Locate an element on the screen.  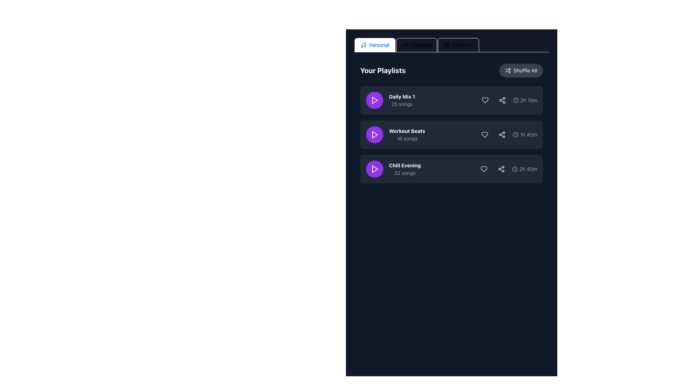
the circular outline of the clock icon located to the right of the 'Daily Mix 1' row in the playlist section is located at coordinates (515, 100).